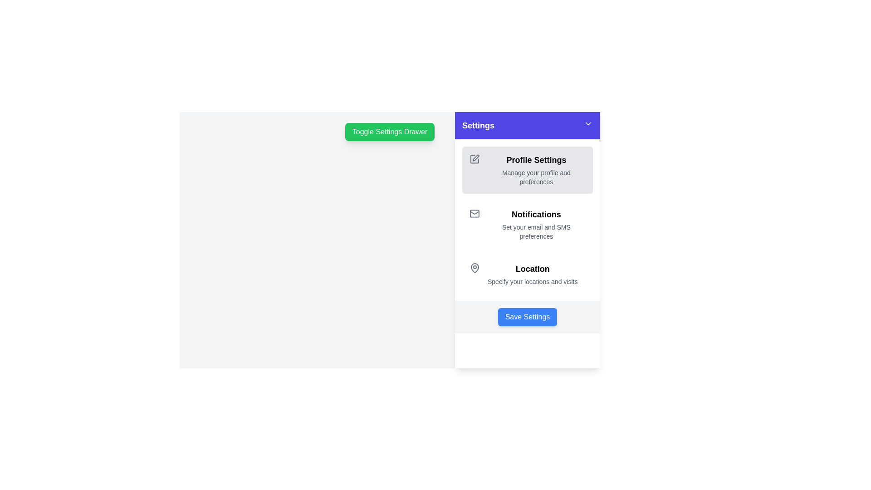 This screenshot has height=490, width=871. Describe the element at coordinates (527, 220) in the screenshot. I see `the second group of clickable options under the 'Settings' sidebar panel` at that location.